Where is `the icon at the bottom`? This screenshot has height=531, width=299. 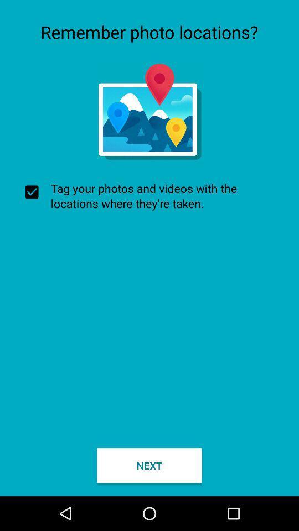
the icon at the bottom is located at coordinates (149, 465).